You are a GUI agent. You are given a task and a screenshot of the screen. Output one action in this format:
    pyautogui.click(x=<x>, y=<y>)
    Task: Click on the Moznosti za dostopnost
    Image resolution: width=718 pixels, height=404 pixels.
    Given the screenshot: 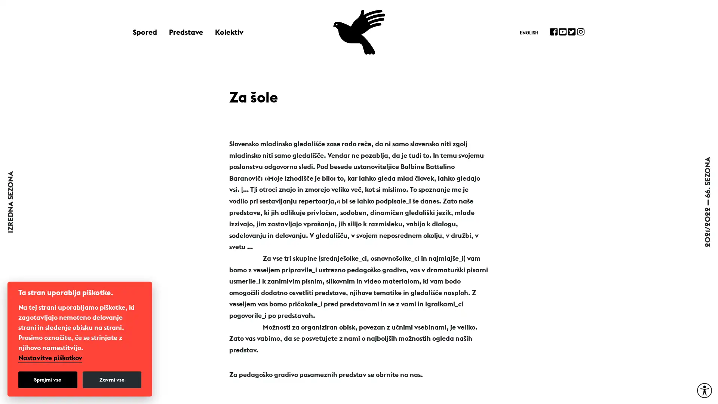 What is the action you would take?
    pyautogui.click(x=704, y=390)
    